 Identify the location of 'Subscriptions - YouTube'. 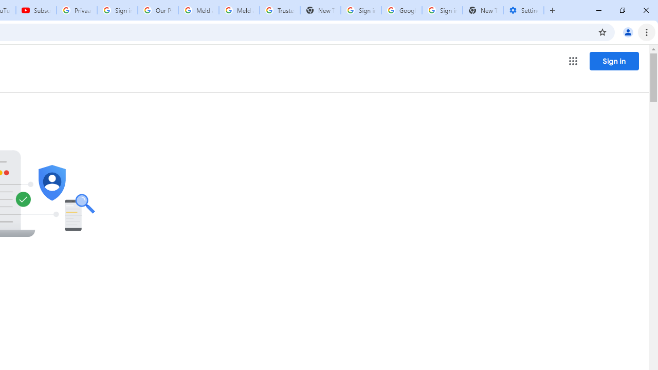
(36, 10).